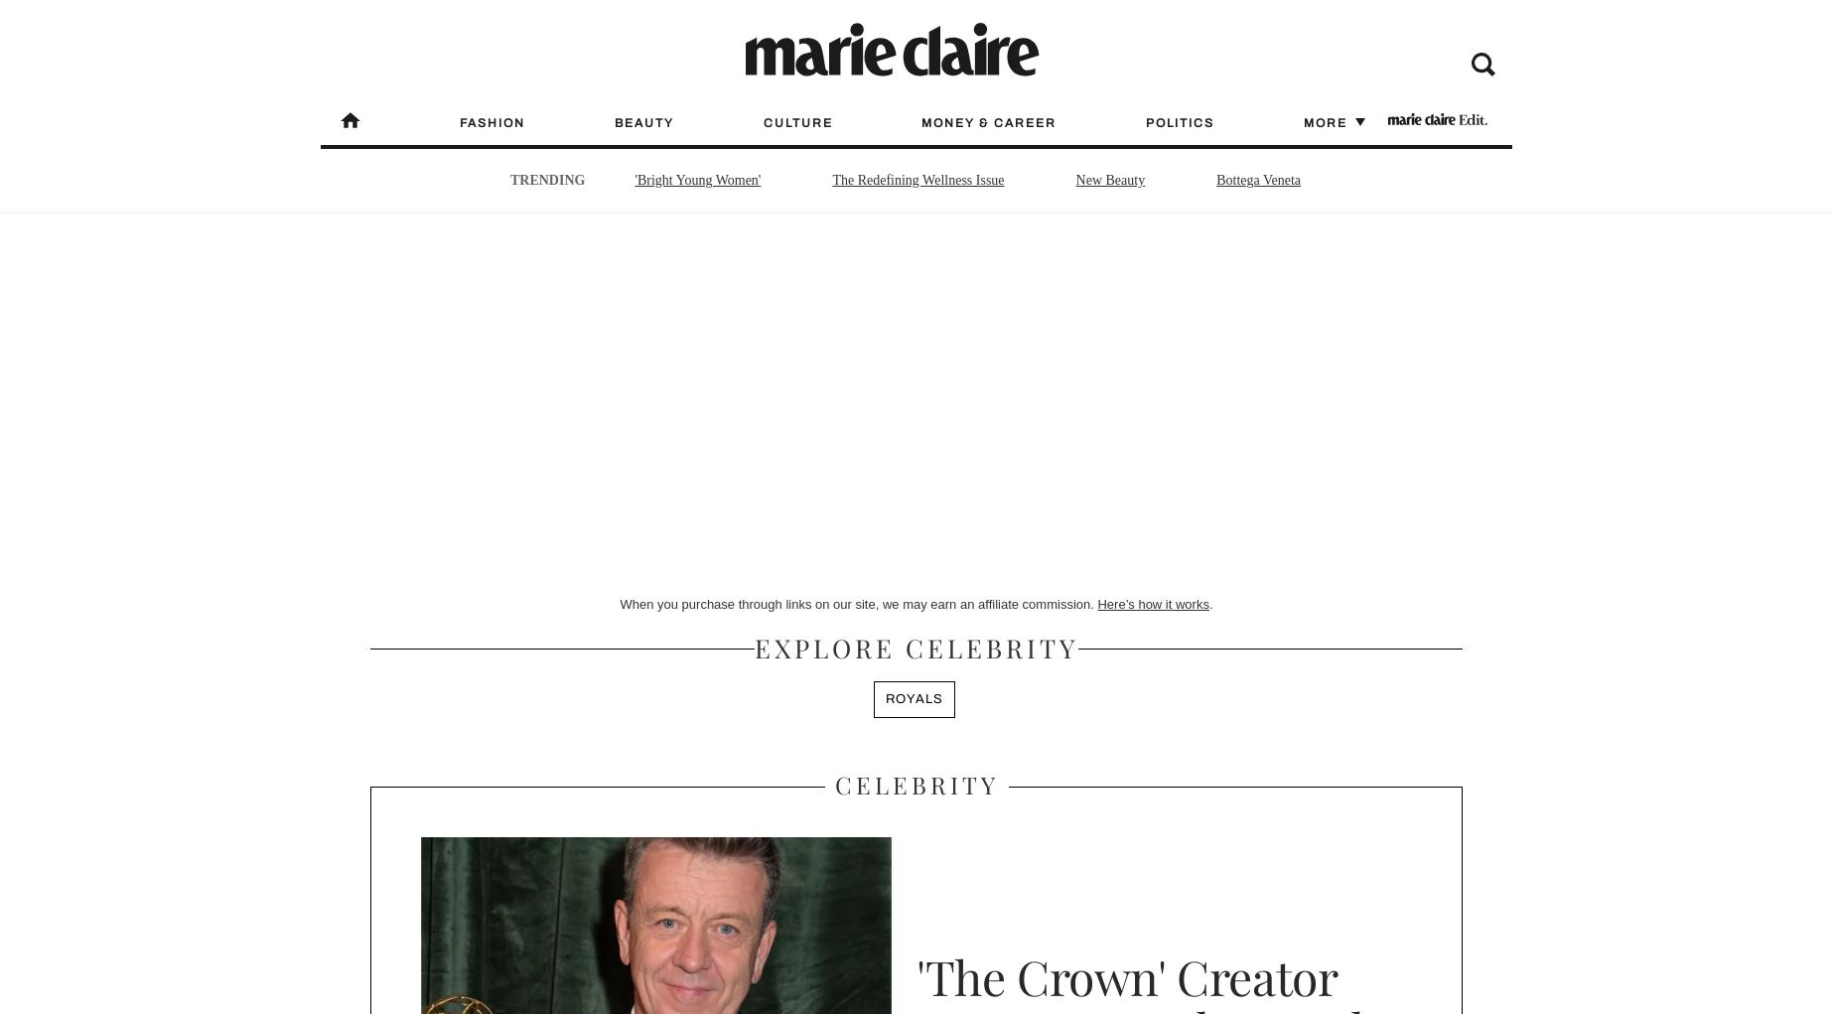 The image size is (1833, 1014). What do you see at coordinates (1258, 179) in the screenshot?
I see `'Bottega Veneta'` at bounding box center [1258, 179].